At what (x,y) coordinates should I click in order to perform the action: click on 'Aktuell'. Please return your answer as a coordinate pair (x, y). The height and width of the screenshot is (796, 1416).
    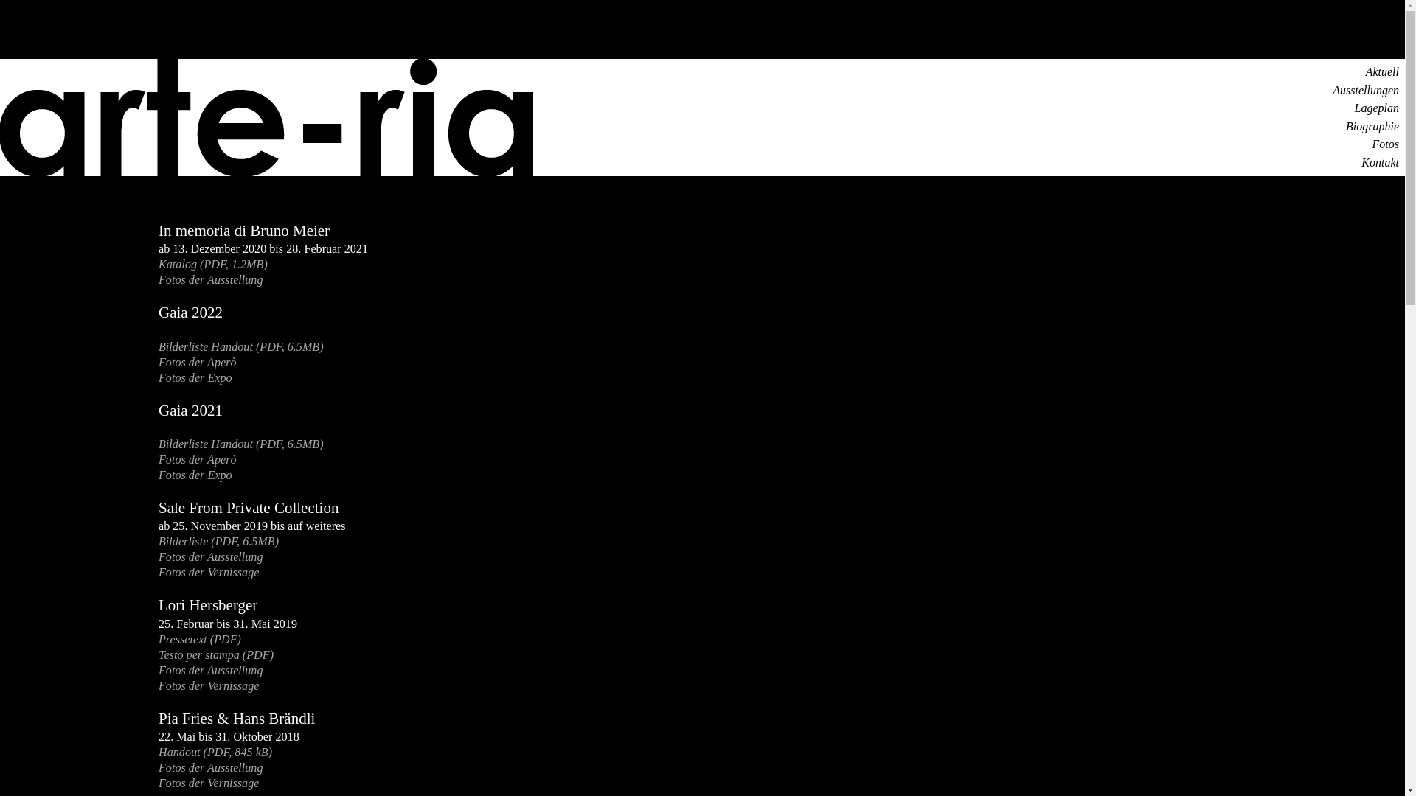
    Looking at the image, I should click on (1381, 71).